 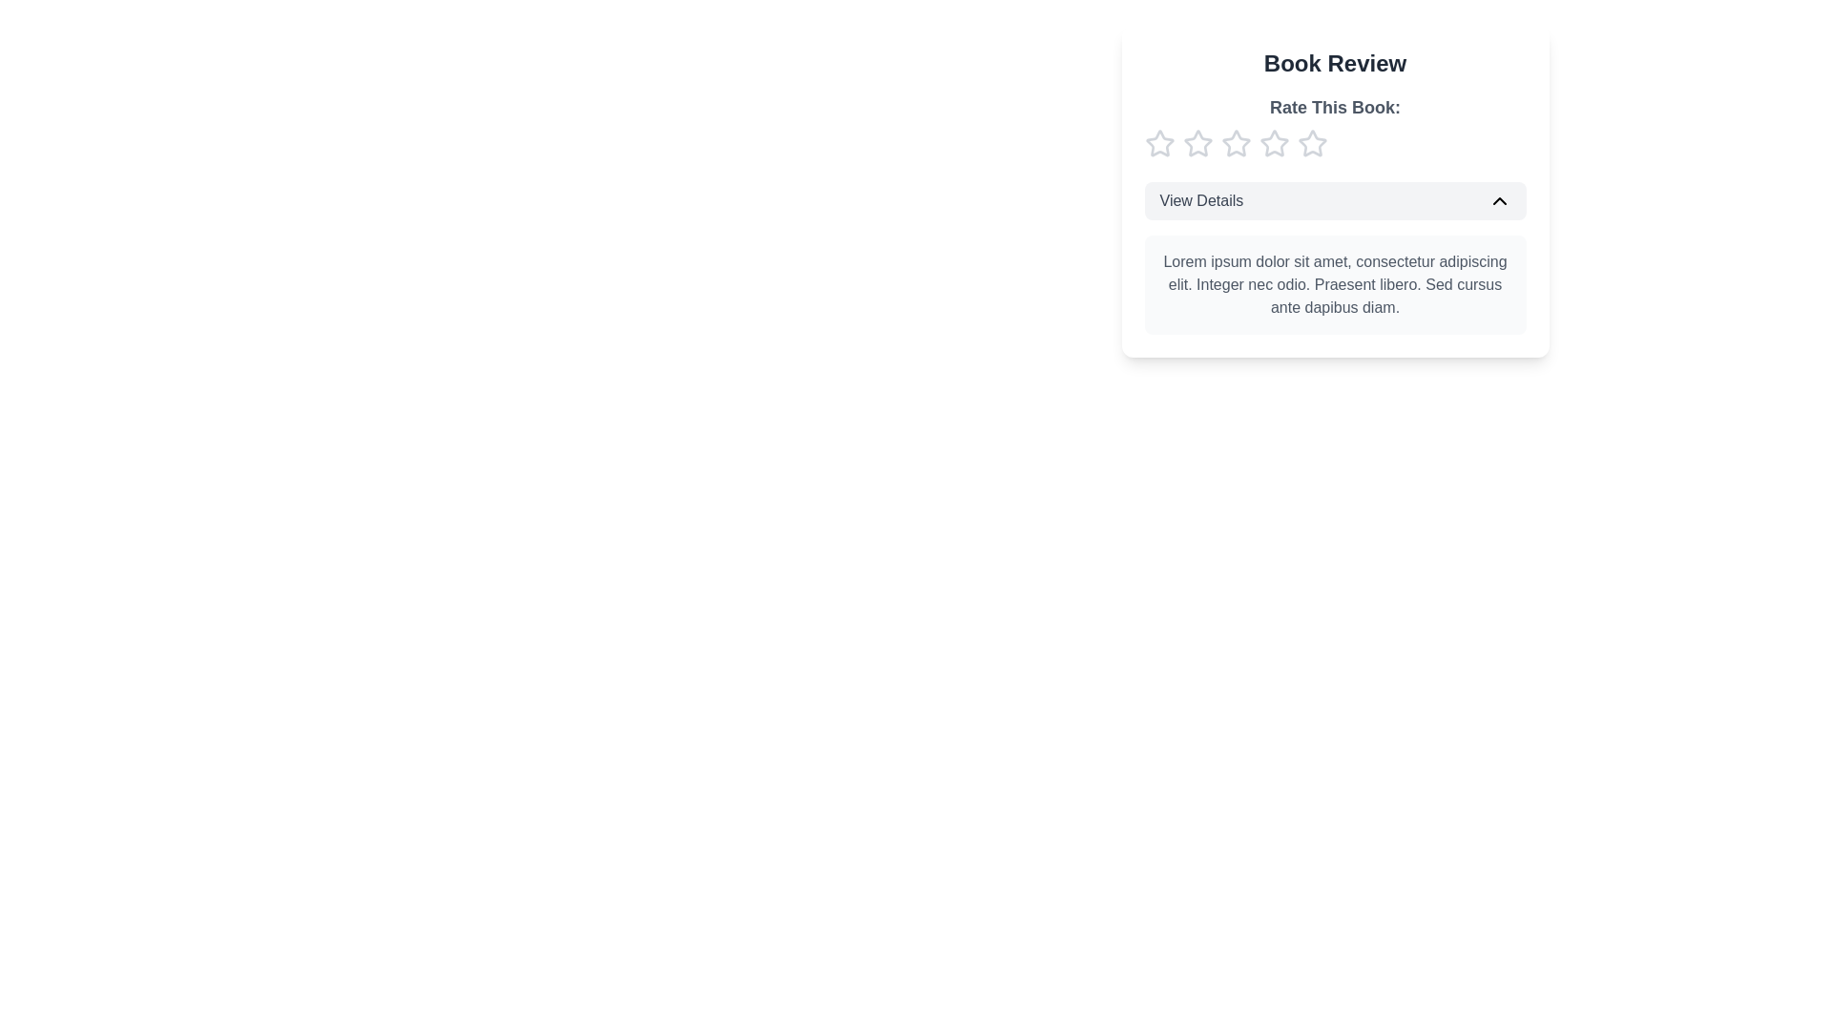 What do you see at coordinates (1236, 142) in the screenshot?
I see `the third star icon in the five-star rating system` at bounding box center [1236, 142].